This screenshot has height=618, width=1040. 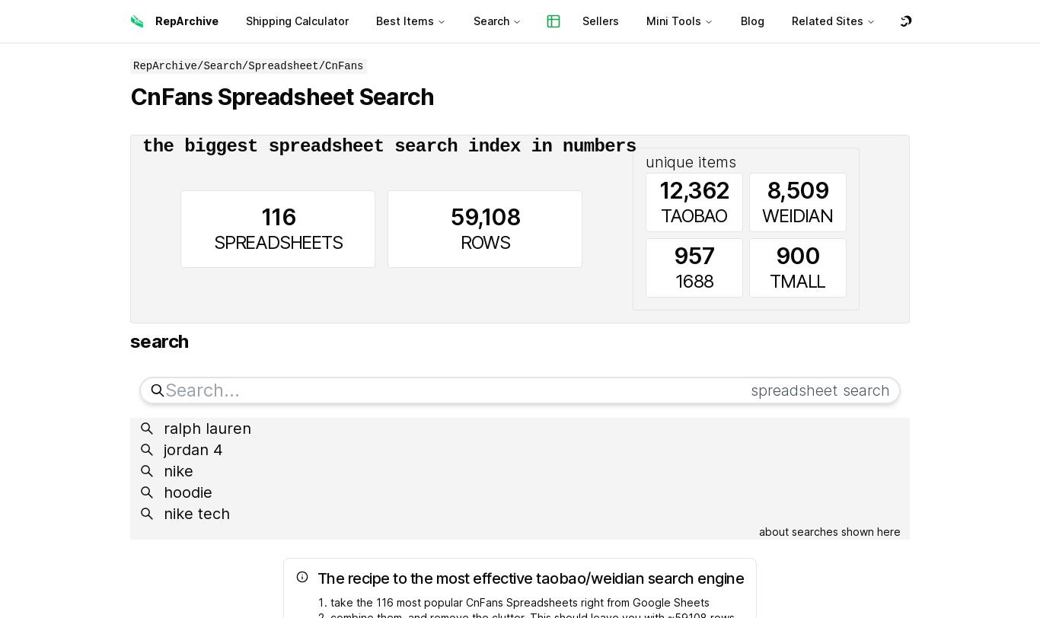 I want to click on '12,362', so click(x=692, y=190).